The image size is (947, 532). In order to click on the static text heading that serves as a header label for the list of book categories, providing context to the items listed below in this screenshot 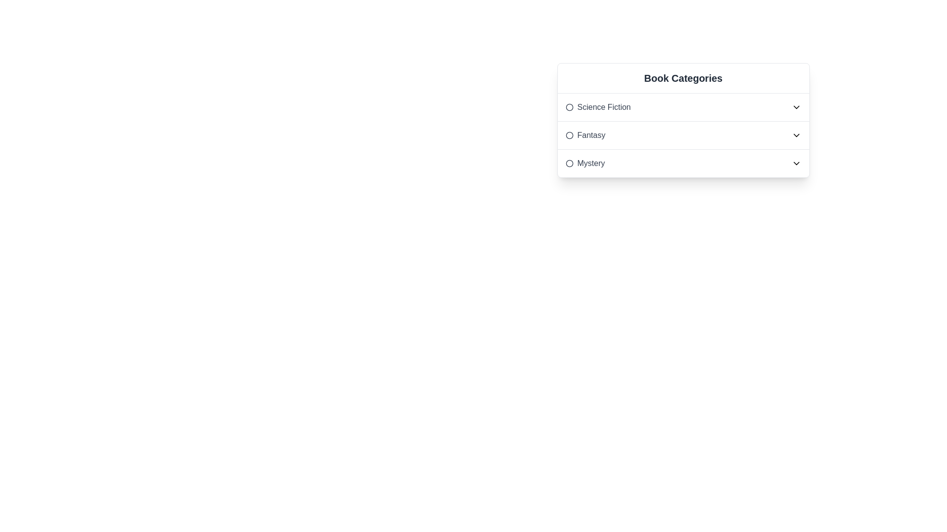, I will do `click(683, 78)`.